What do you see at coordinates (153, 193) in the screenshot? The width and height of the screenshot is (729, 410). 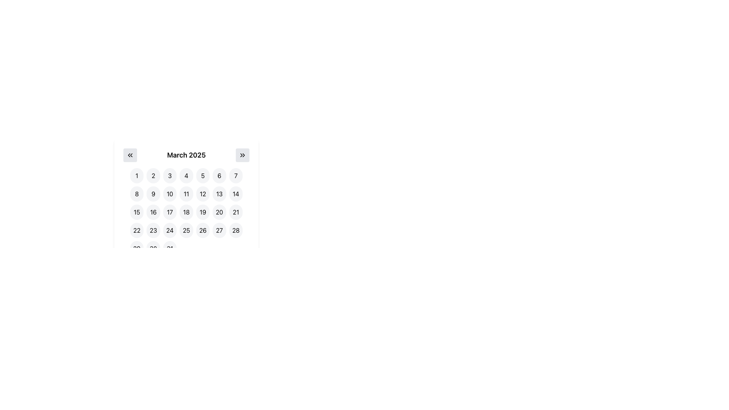 I see `the selectable date button representing the ninth day of the month in the date picker interface` at bounding box center [153, 193].